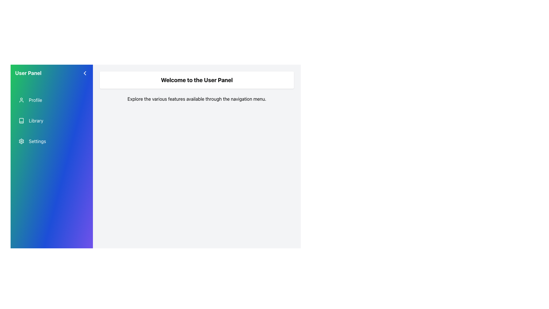 The height and width of the screenshot is (309, 549). Describe the element at coordinates (21, 141) in the screenshot. I see `the gear-shaped icon in the settings menu on the left sidebar` at that location.